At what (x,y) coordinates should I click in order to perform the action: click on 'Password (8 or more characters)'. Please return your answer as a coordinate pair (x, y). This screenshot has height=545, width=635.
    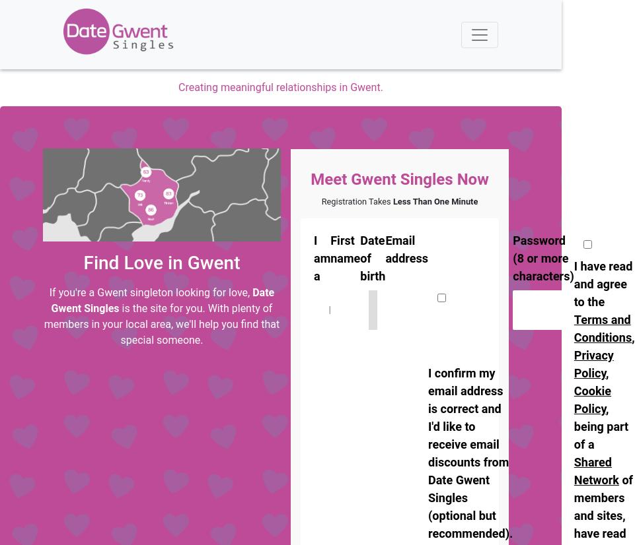
    Looking at the image, I should click on (543, 257).